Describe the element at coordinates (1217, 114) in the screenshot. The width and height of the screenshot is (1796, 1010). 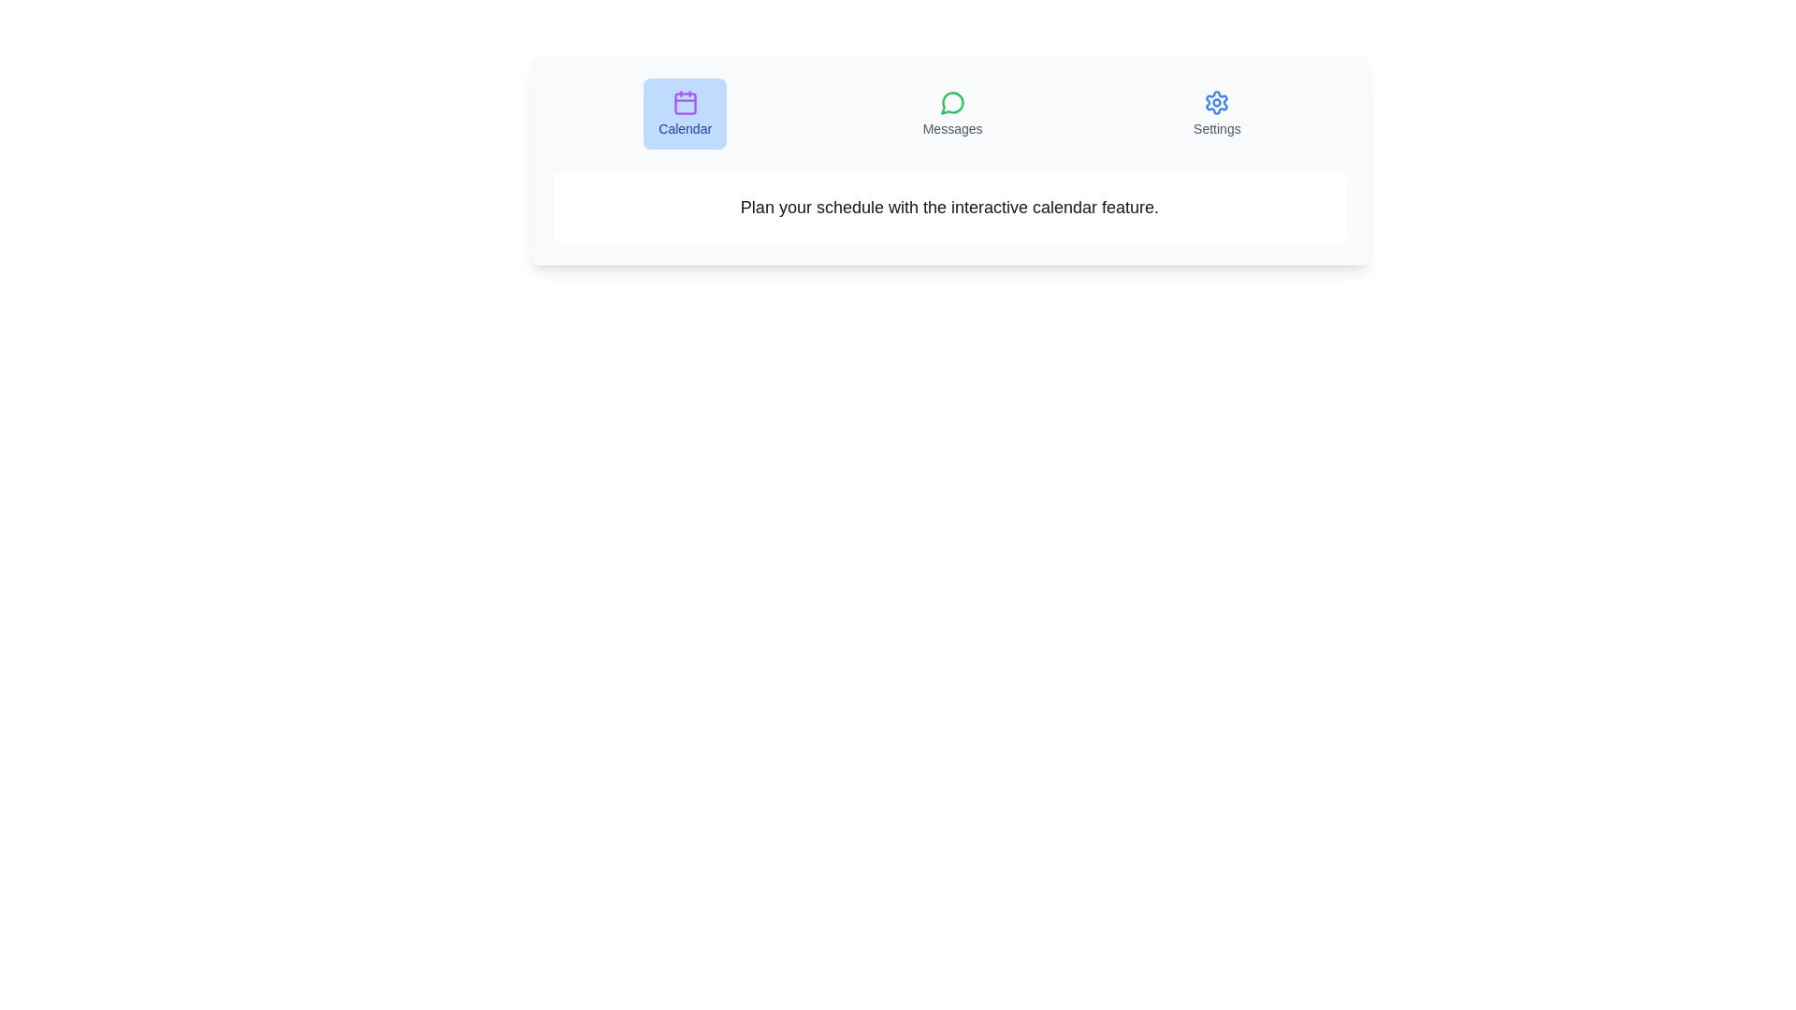
I see `the Settings tab to view its content` at that location.